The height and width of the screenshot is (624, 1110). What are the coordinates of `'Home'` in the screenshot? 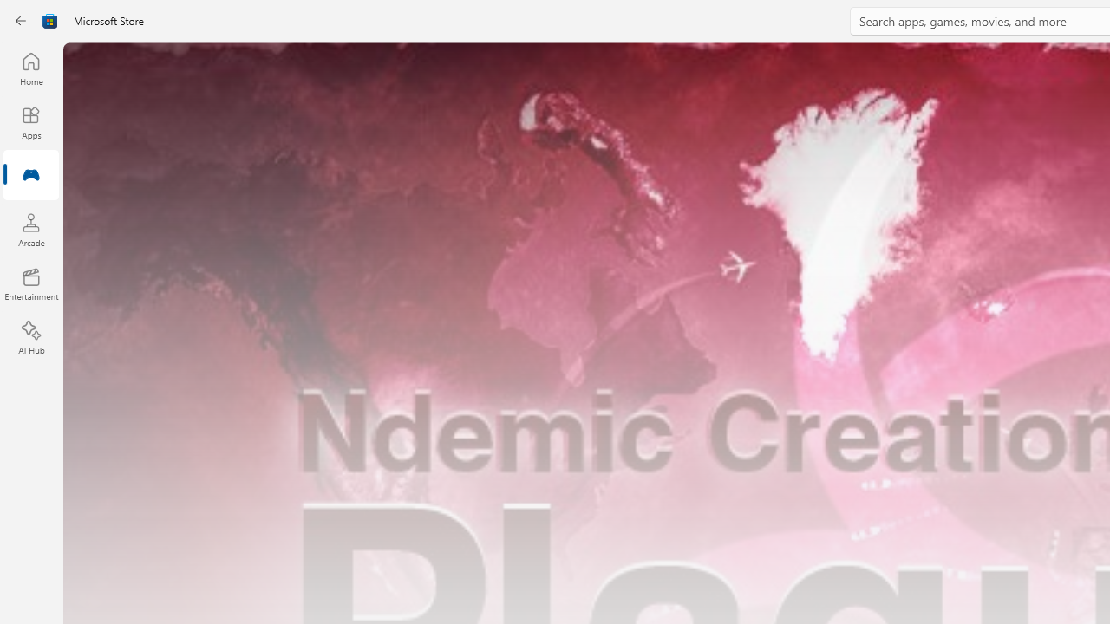 It's located at (30, 68).